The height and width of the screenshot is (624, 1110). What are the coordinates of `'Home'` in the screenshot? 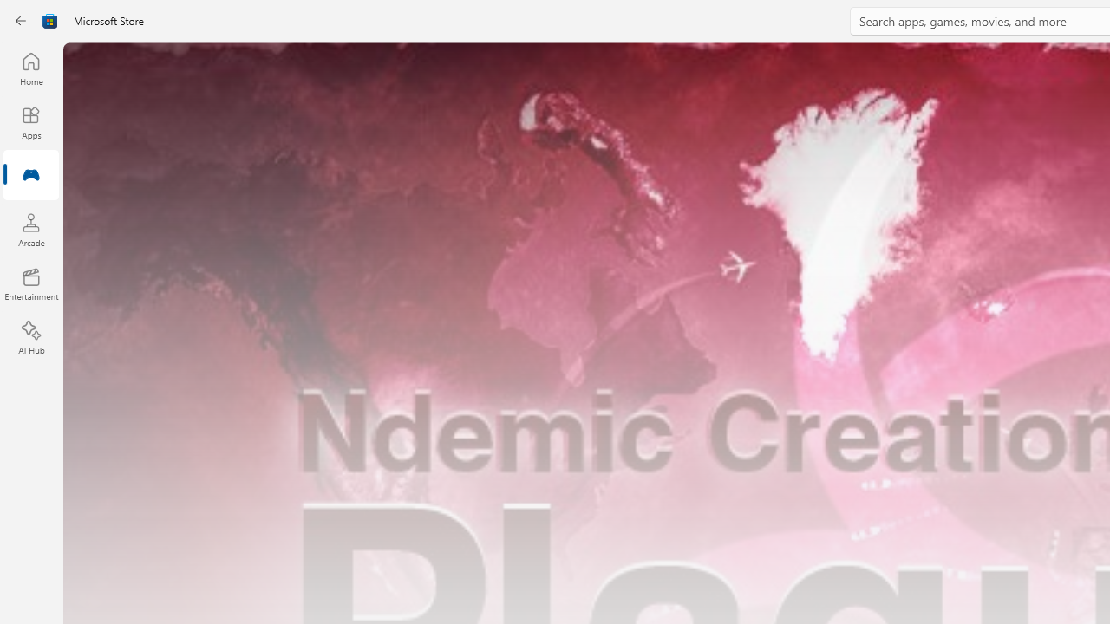 It's located at (30, 68).